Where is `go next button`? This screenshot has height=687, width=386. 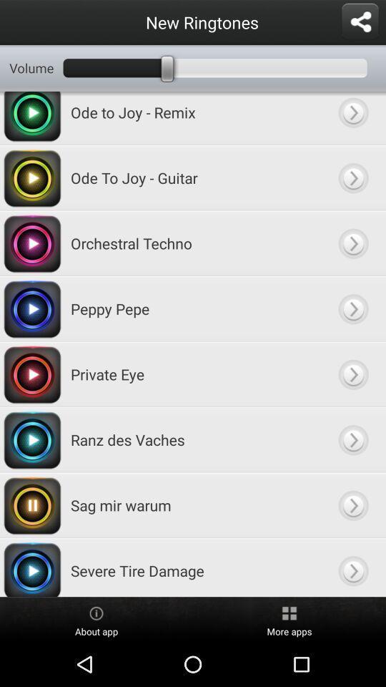 go next button is located at coordinates (352, 243).